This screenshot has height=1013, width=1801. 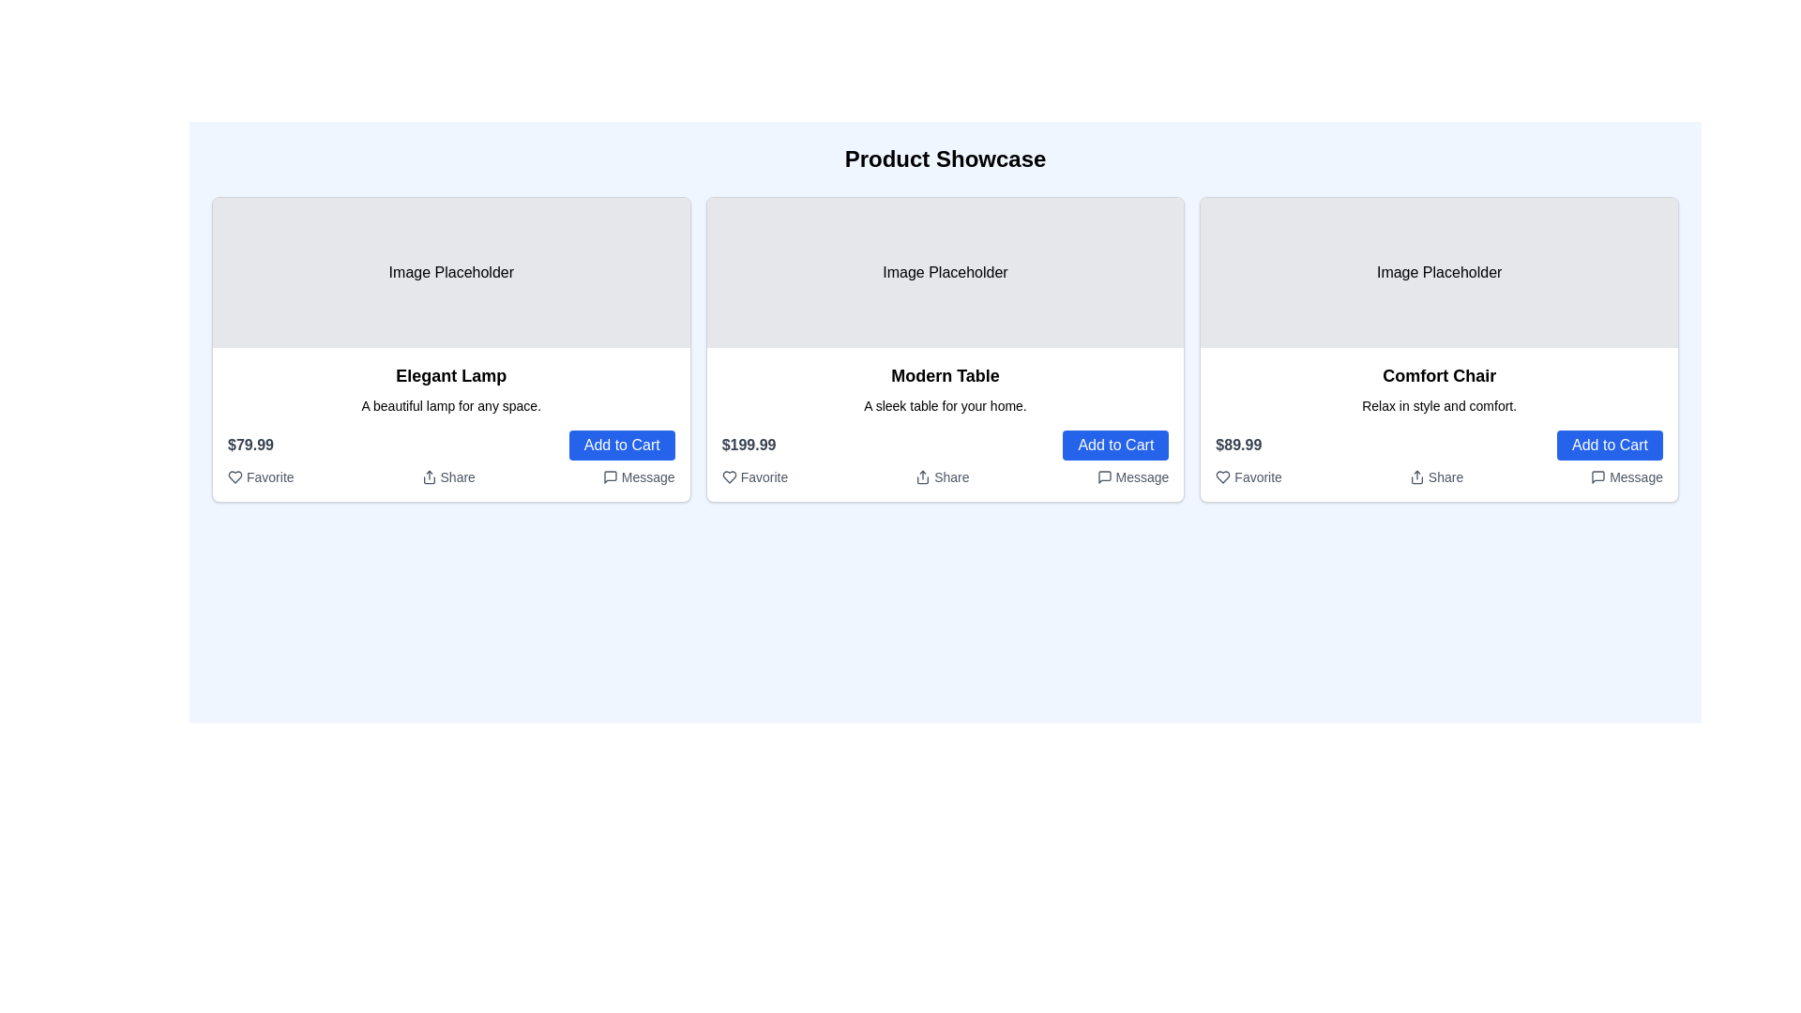 What do you see at coordinates (1438, 476) in the screenshot?
I see `the 'Share' icon, which is represented by an upward-pointing arrow emerging from a box, located in the 'Comfort Chair' section below the price and 'Add to Cart' button` at bounding box center [1438, 476].